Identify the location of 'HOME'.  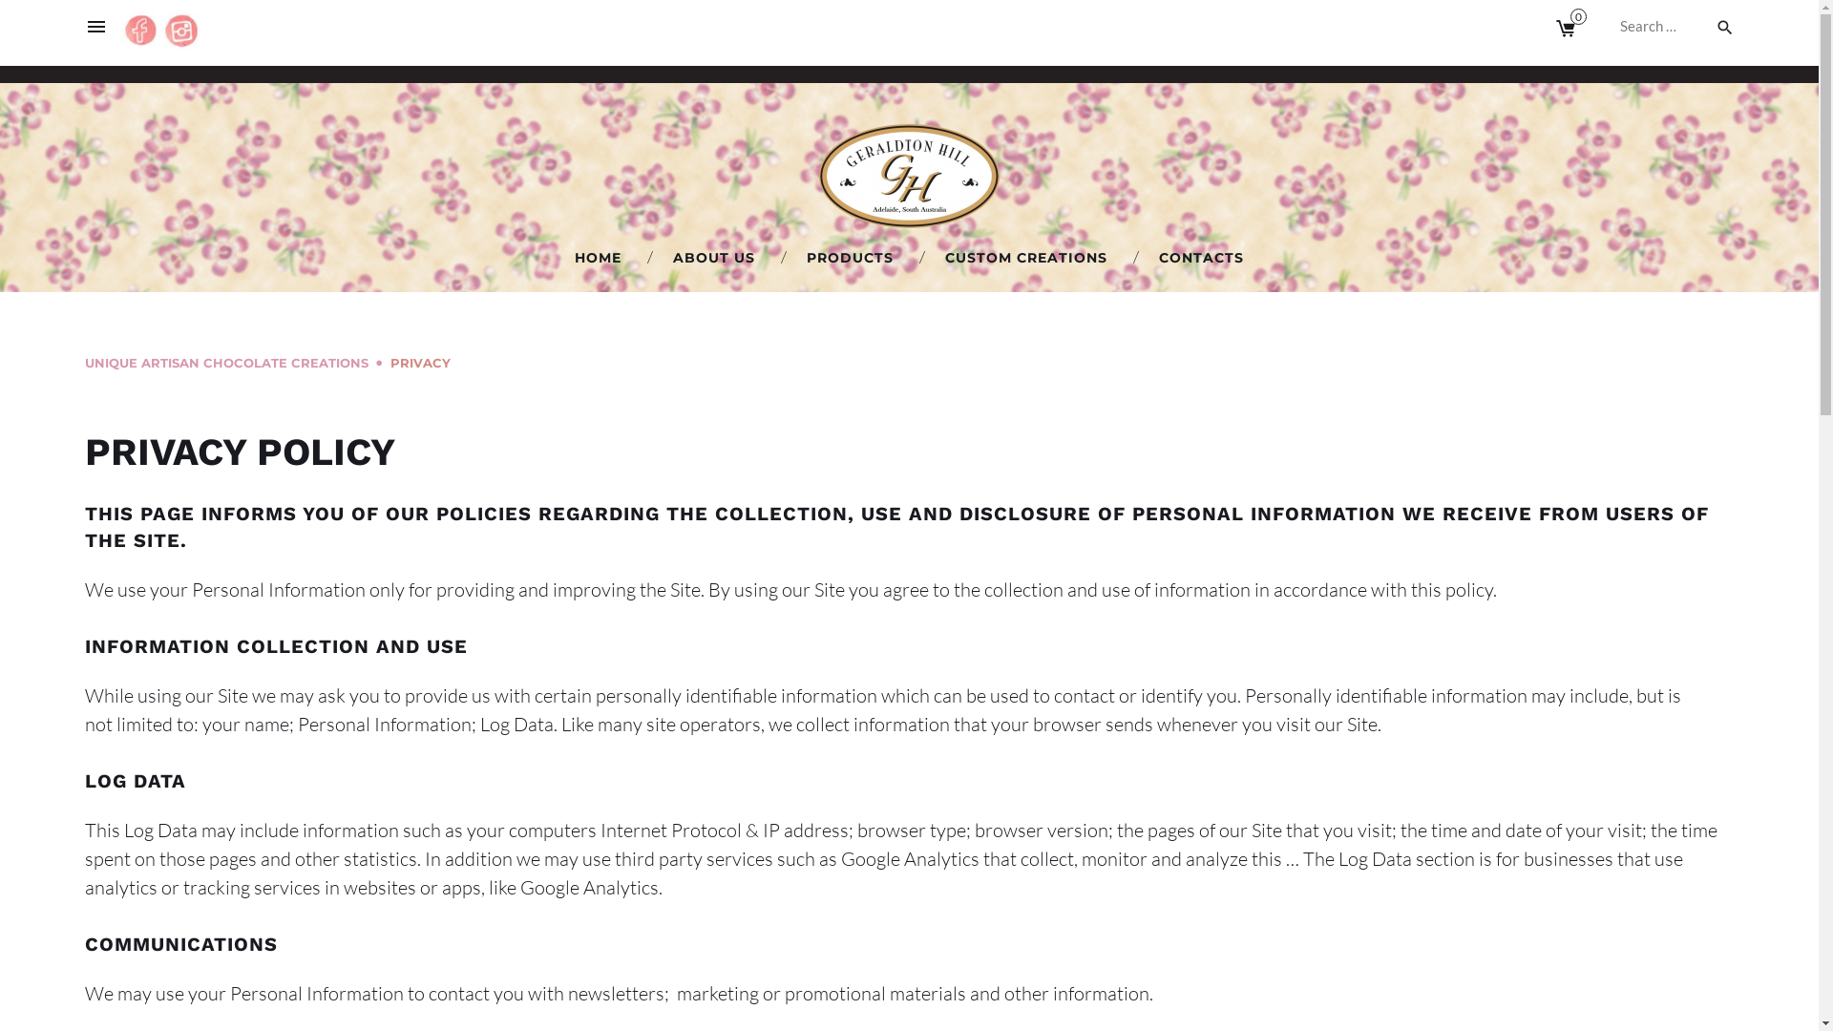
(597, 258).